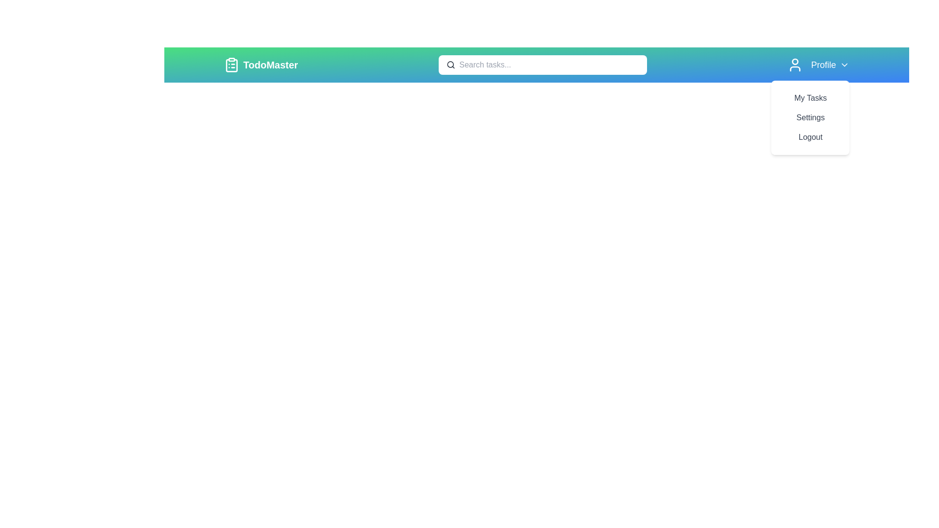 This screenshot has width=939, height=528. I want to click on the chevron down icon located to the right of the 'Profile' text in the header, so click(844, 65).